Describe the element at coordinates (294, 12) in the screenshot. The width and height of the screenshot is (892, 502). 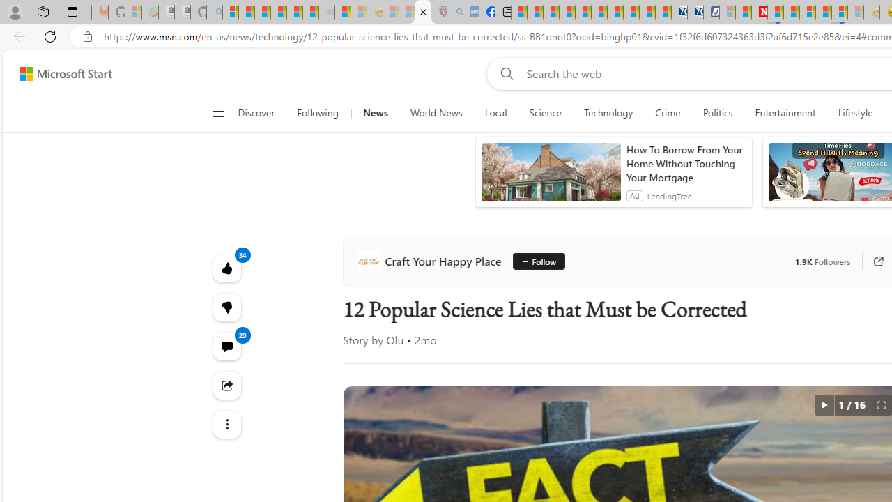
I see `'New Report Confirms 2023 Was Record Hot | Watch'` at that location.